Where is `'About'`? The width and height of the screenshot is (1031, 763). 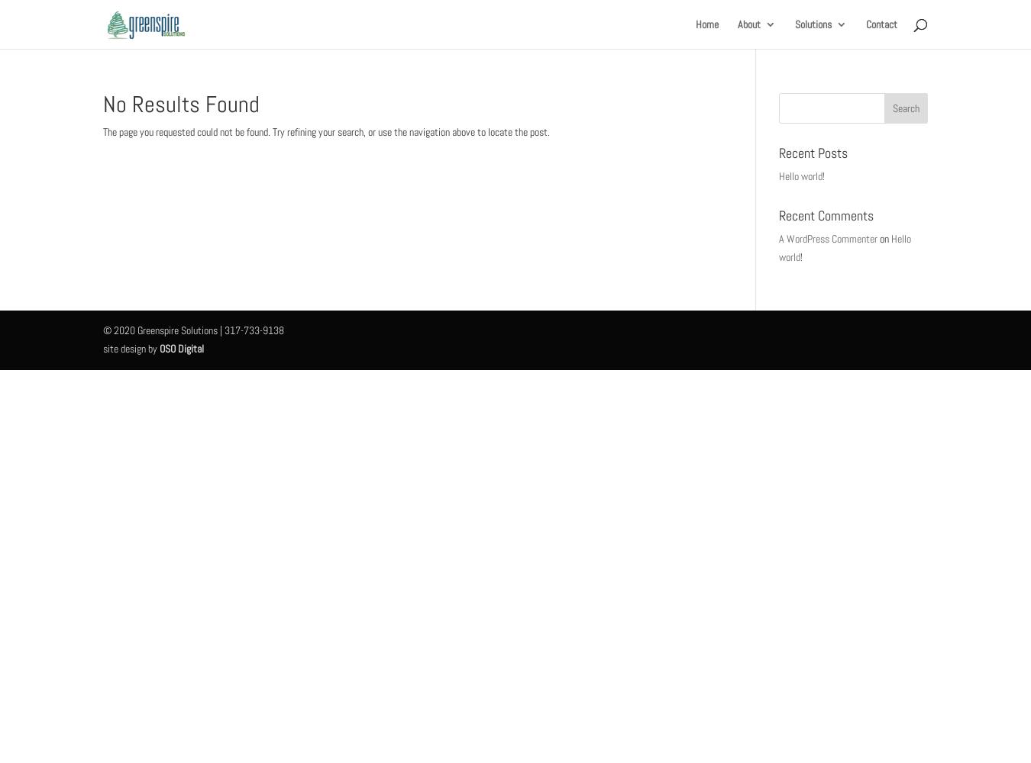 'About' is located at coordinates (748, 24).